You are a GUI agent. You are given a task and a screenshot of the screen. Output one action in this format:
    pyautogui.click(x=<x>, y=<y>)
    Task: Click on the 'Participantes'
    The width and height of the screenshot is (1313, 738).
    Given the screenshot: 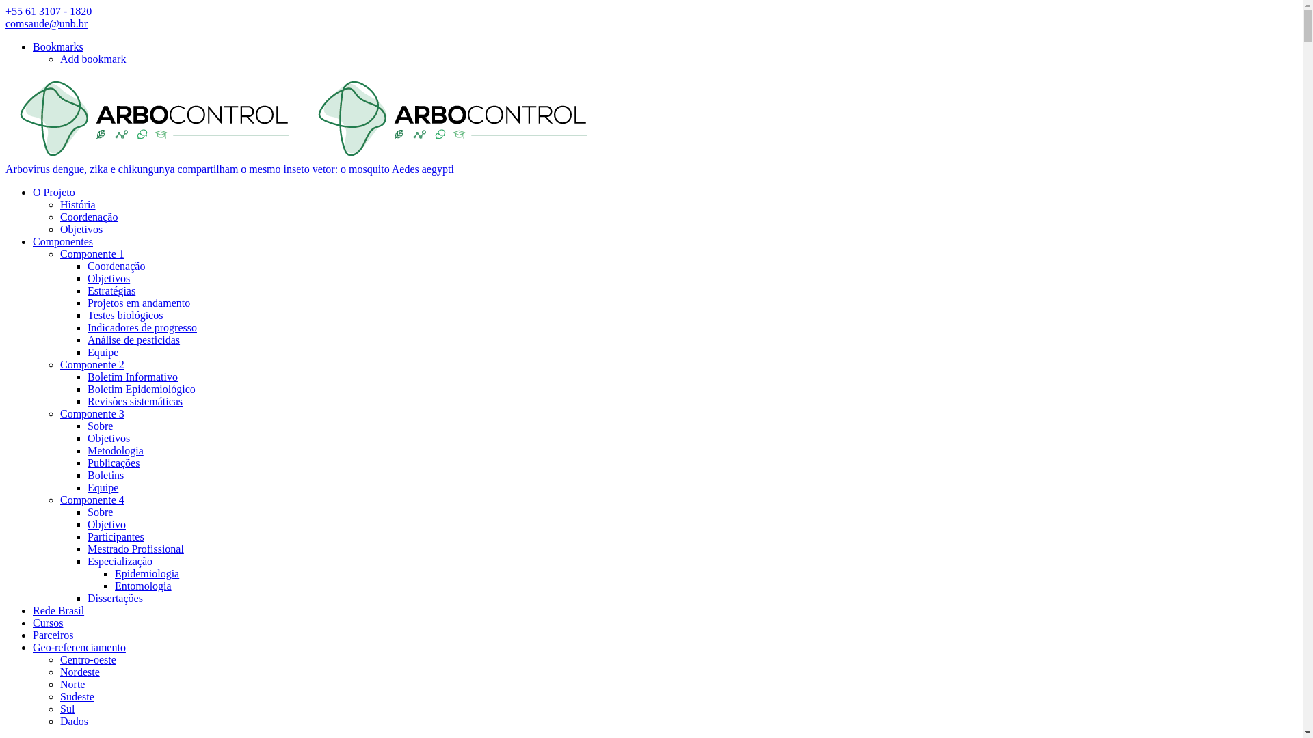 What is the action you would take?
    pyautogui.click(x=116, y=536)
    